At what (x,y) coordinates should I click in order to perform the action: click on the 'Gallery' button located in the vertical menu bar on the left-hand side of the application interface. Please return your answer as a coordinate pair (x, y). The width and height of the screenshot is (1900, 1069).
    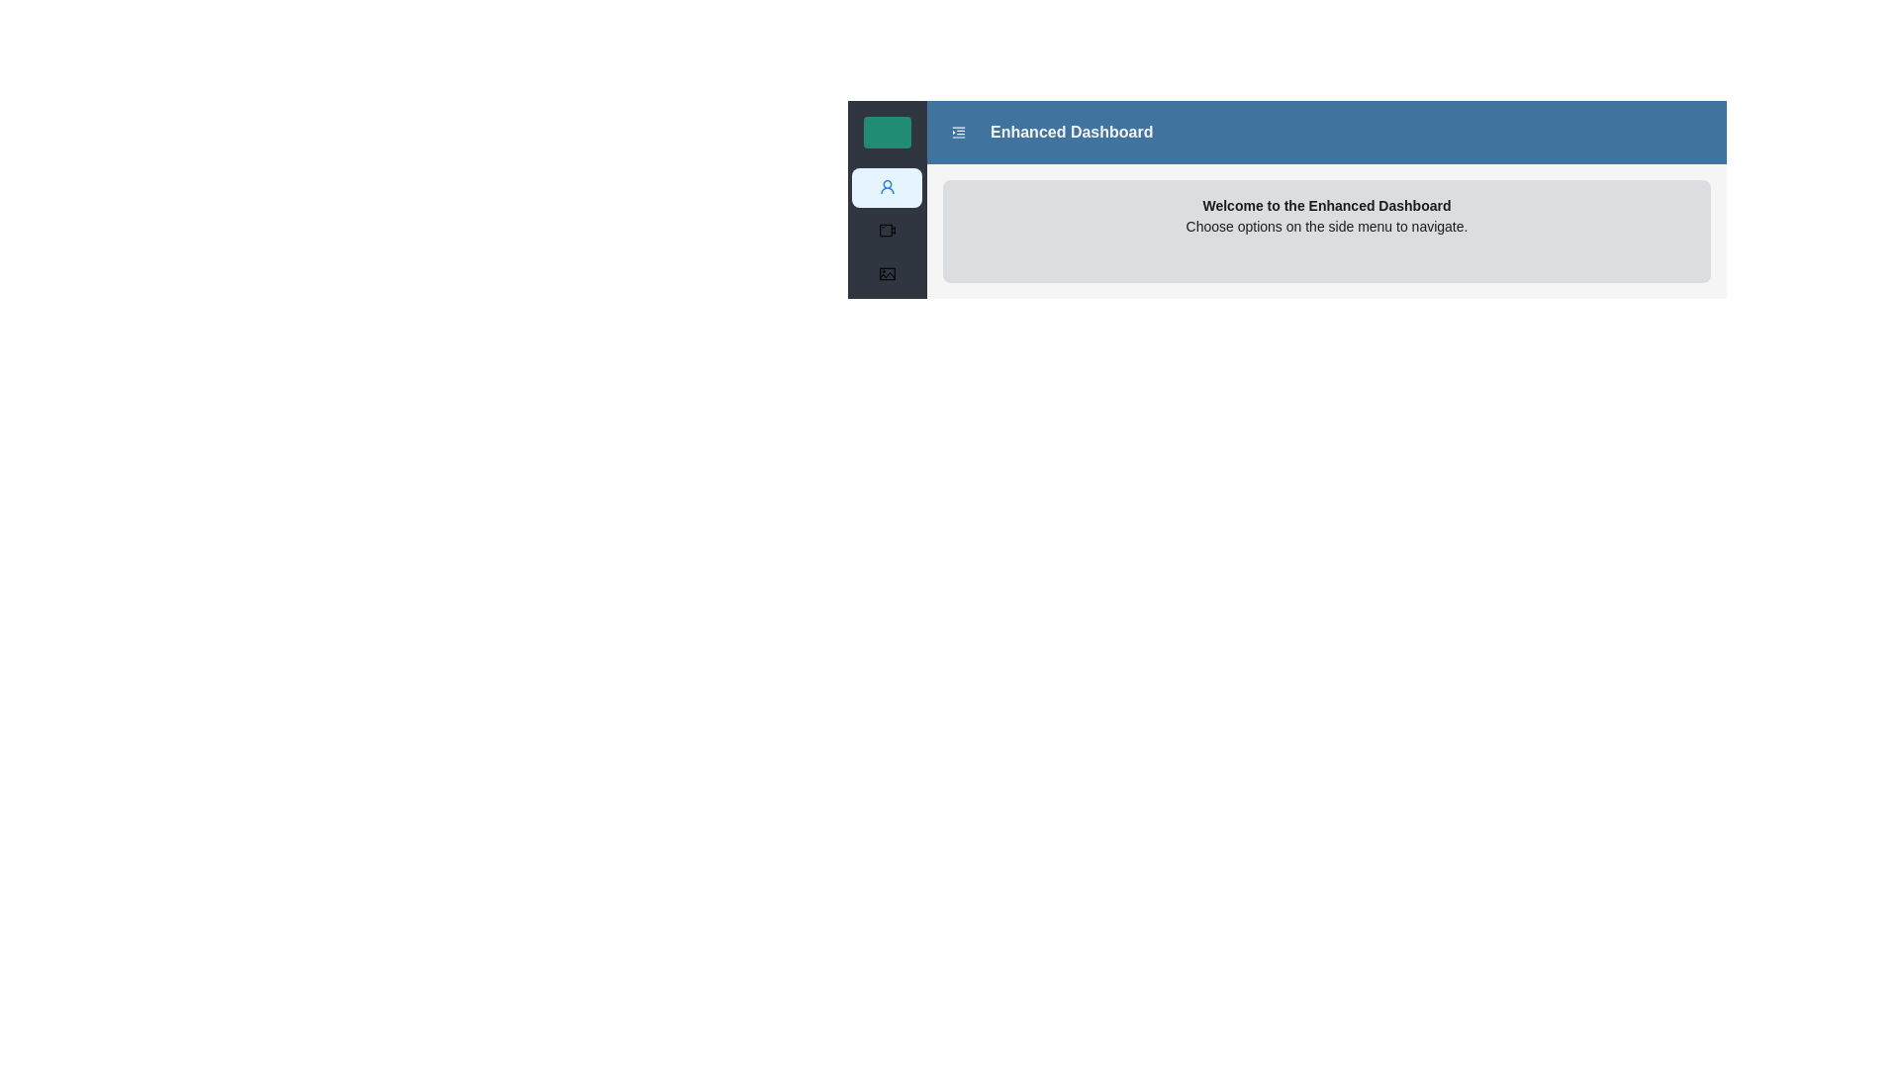
    Looking at the image, I should click on (886, 274).